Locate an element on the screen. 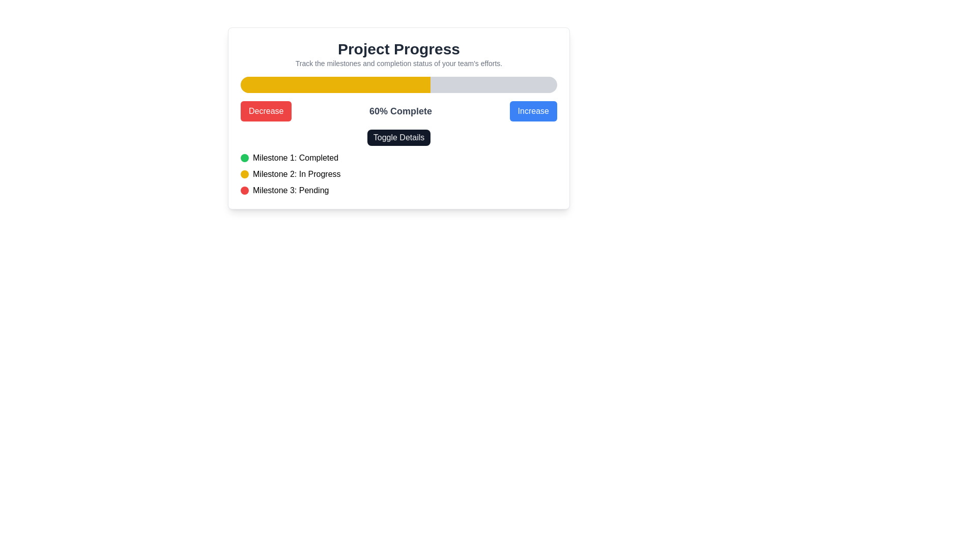 This screenshot has width=977, height=549. the text label displaying 'Milestone 2: In Progress', which is aligned horizontally to the right of a yellow circular indicator and positioned in the middle section of a list of milestones is located at coordinates (296, 174).